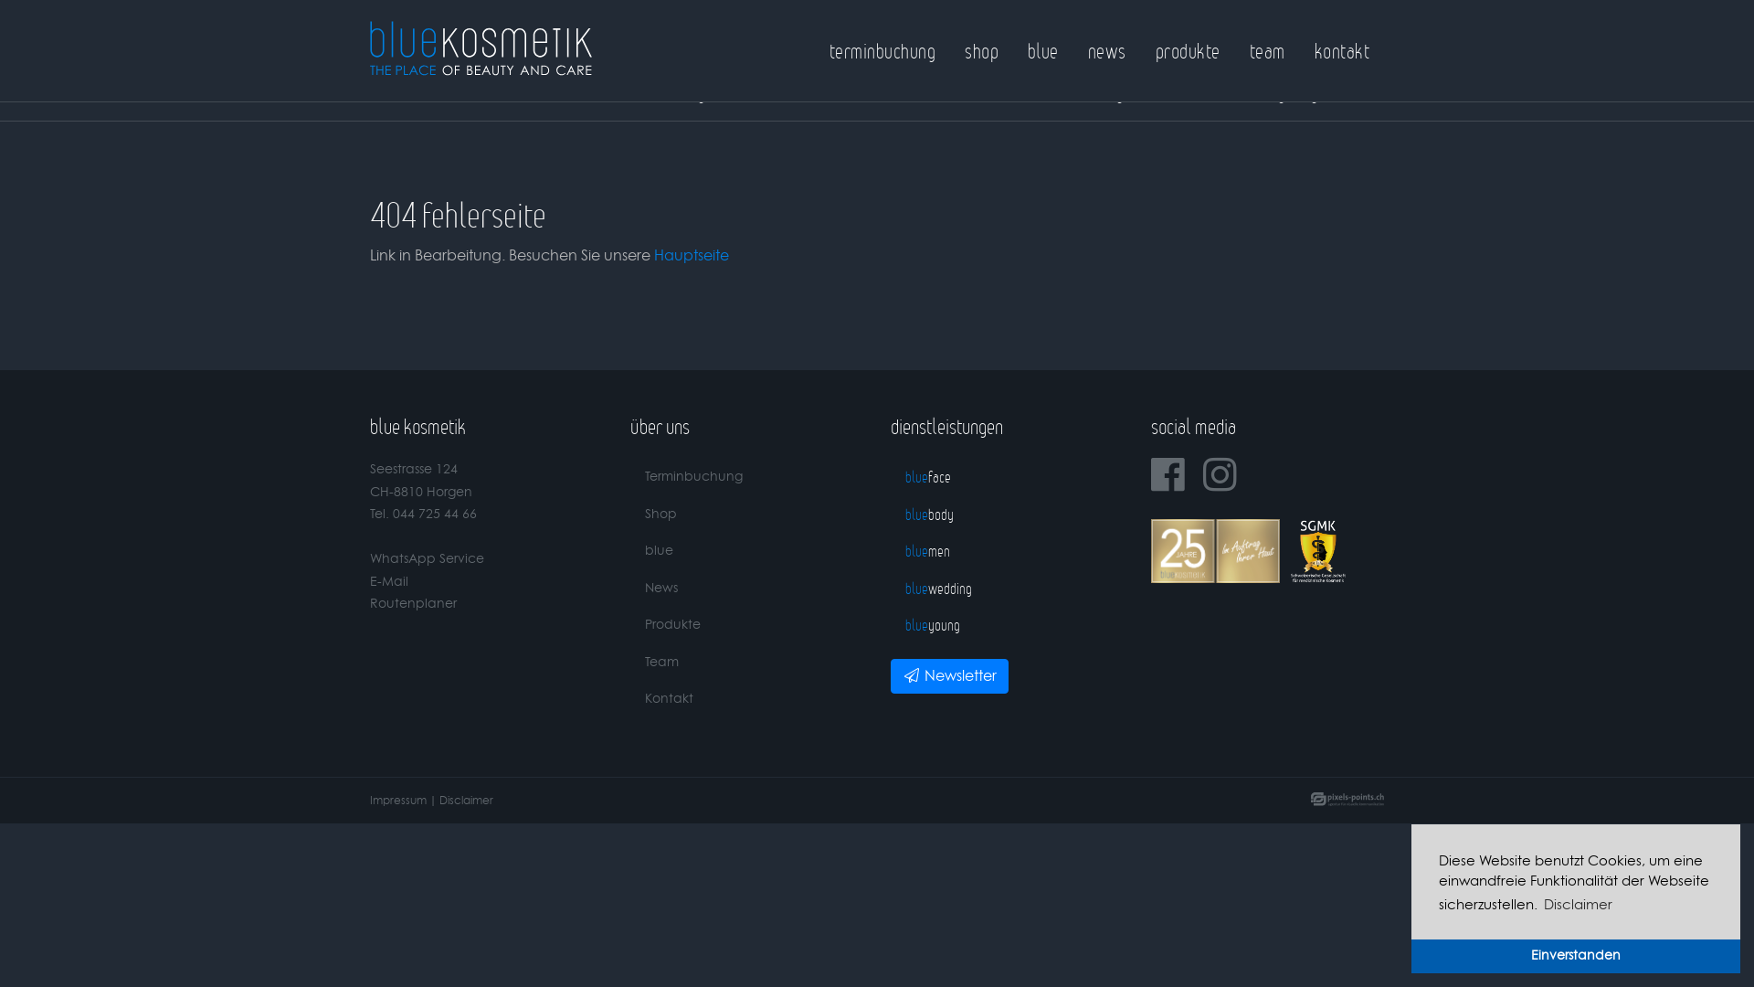  Describe the element at coordinates (691, 256) in the screenshot. I see `'Hauptseite'` at that location.